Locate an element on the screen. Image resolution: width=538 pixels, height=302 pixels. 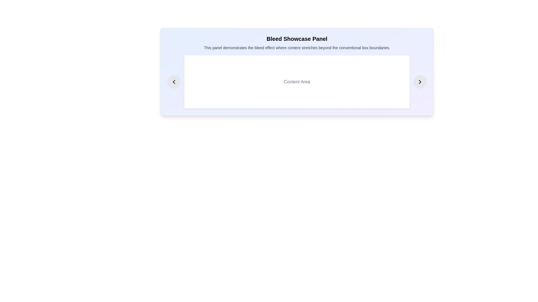
the circular gray button with a right-facing chevron icon is located at coordinates (420, 82).